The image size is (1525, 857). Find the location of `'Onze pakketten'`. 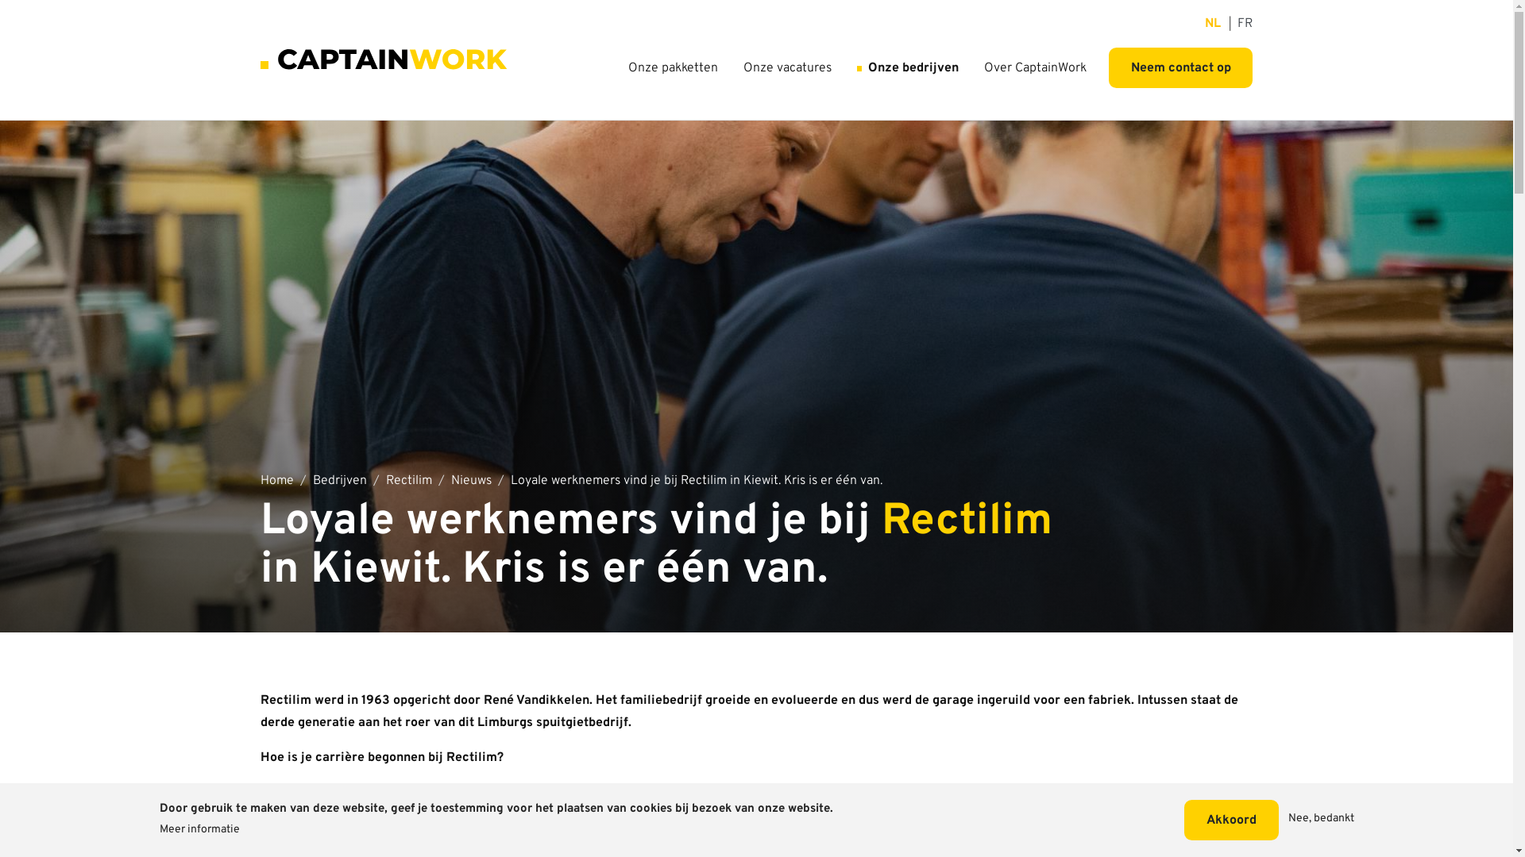

'Onze pakketten' is located at coordinates (673, 67).